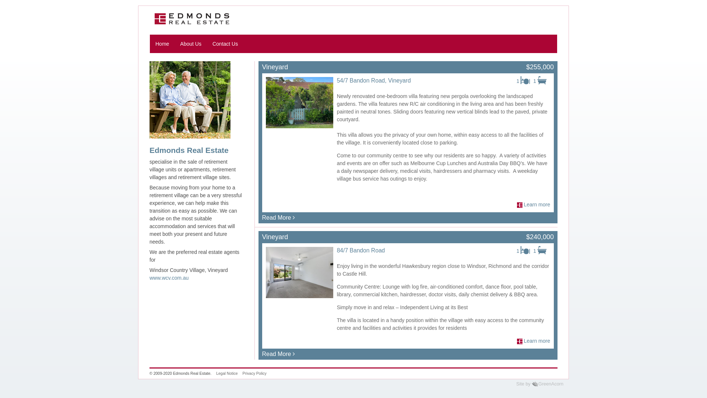 This screenshot has height=398, width=707. I want to click on 'Contact Us', so click(225, 44).